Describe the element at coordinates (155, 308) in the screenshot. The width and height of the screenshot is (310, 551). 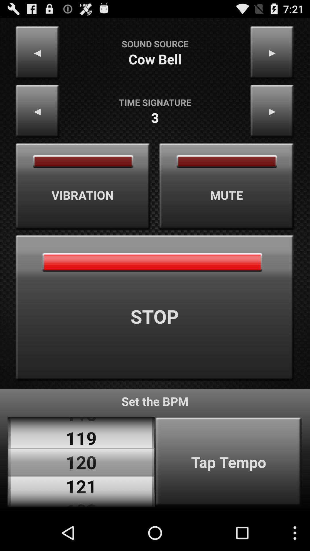
I see `icon at the center` at that location.